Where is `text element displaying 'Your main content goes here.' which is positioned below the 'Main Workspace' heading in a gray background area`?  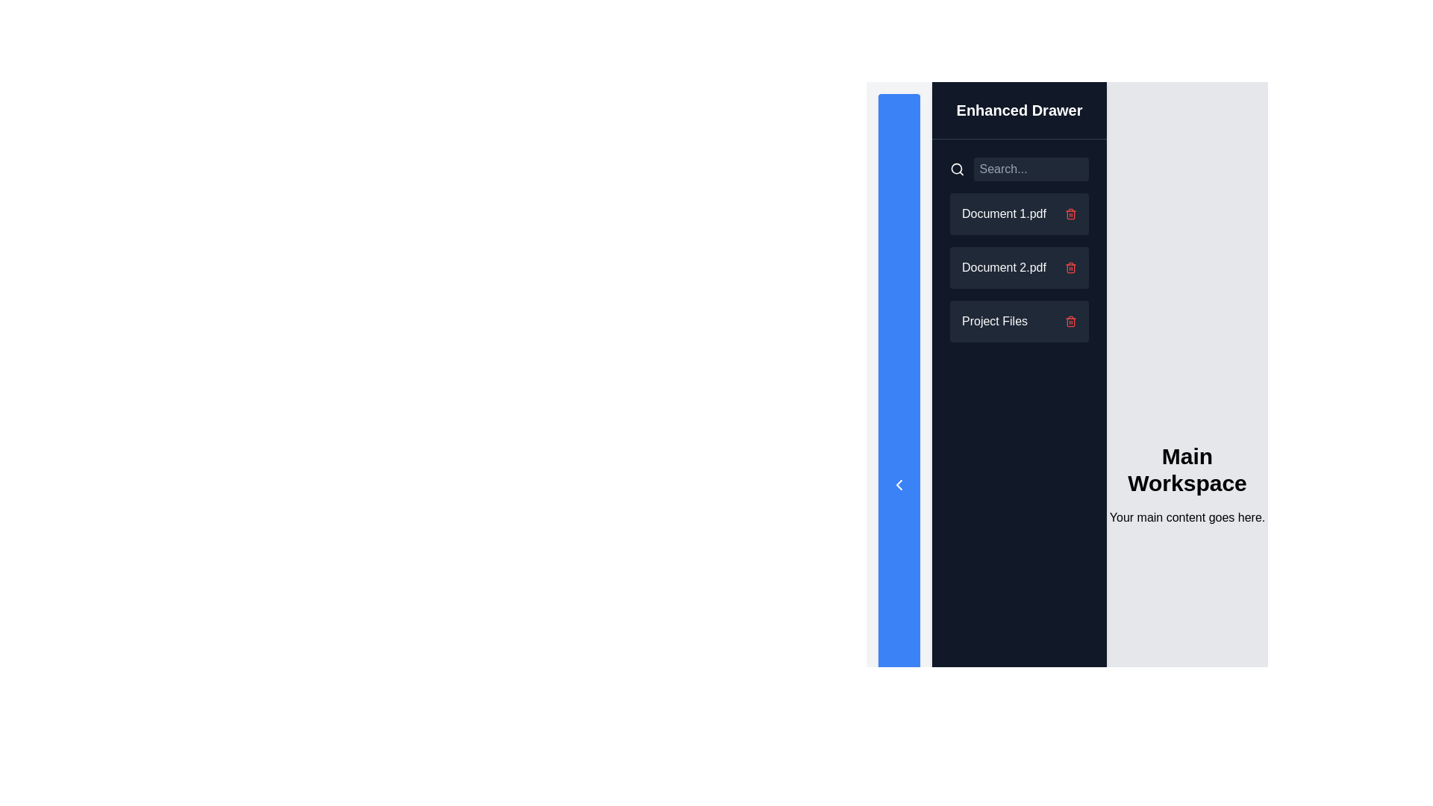
text element displaying 'Your main content goes here.' which is positioned below the 'Main Workspace' heading in a gray background area is located at coordinates (1187, 517).